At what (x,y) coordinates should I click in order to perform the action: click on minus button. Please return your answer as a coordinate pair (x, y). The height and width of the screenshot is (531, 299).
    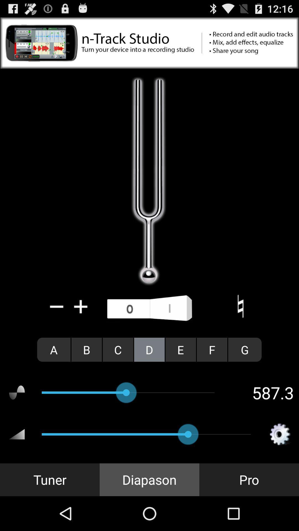
    Looking at the image, I should click on (57, 306).